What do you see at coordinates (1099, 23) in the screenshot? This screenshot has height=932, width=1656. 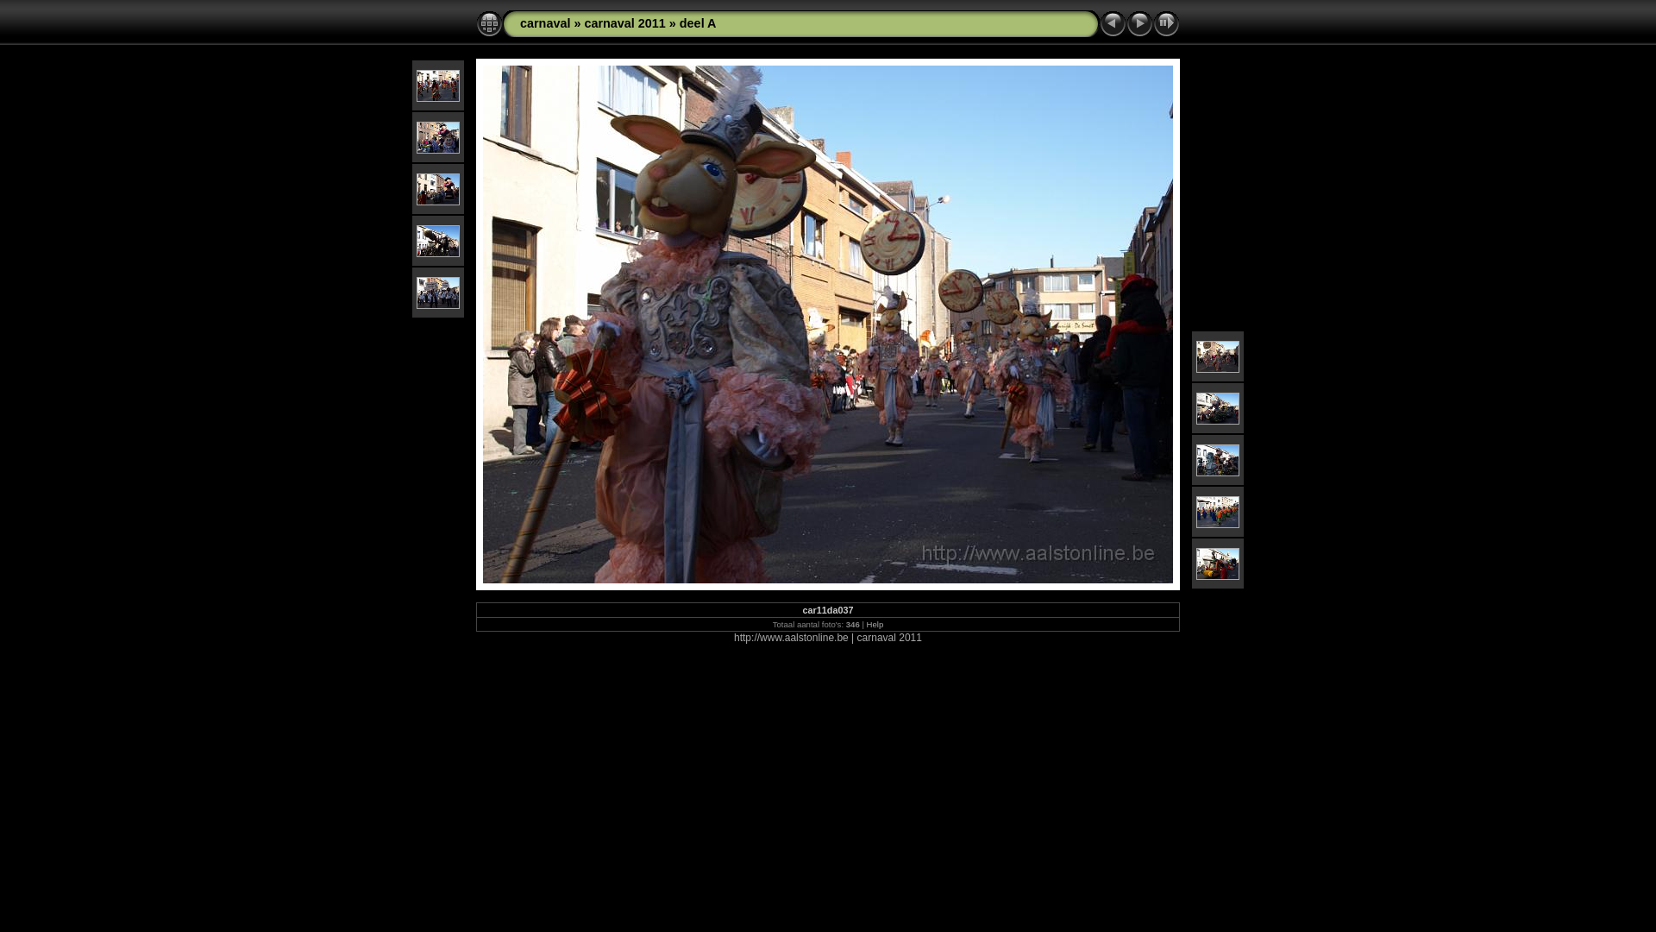 I see `' Vorige foto '` at bounding box center [1099, 23].